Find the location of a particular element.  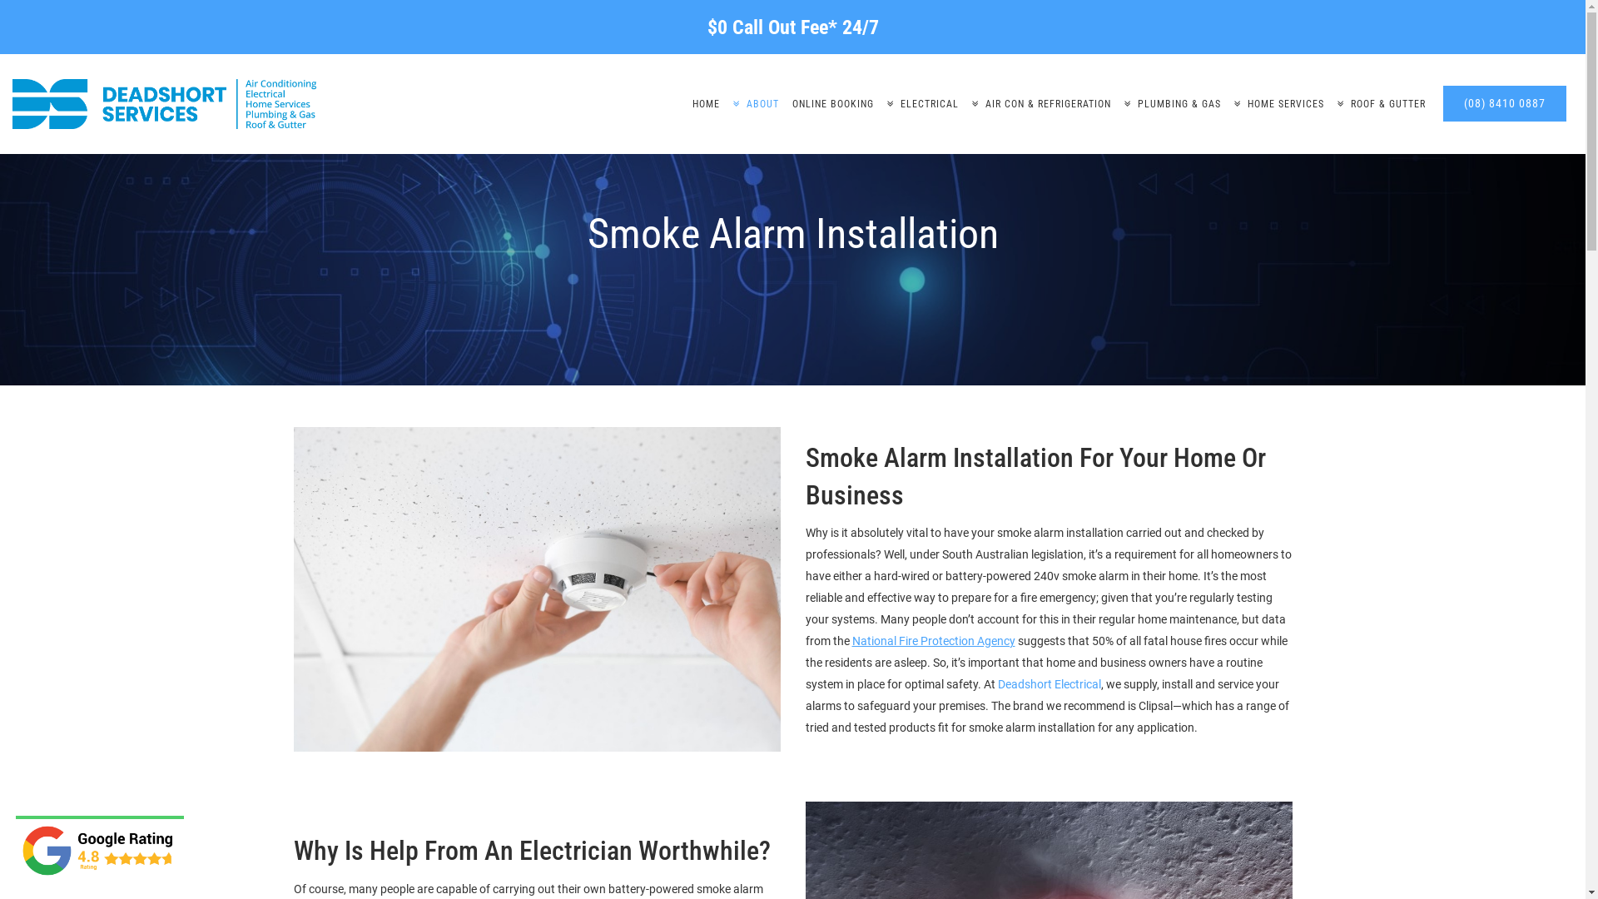

'ROOF & GUTTER' is located at coordinates (1382, 103).